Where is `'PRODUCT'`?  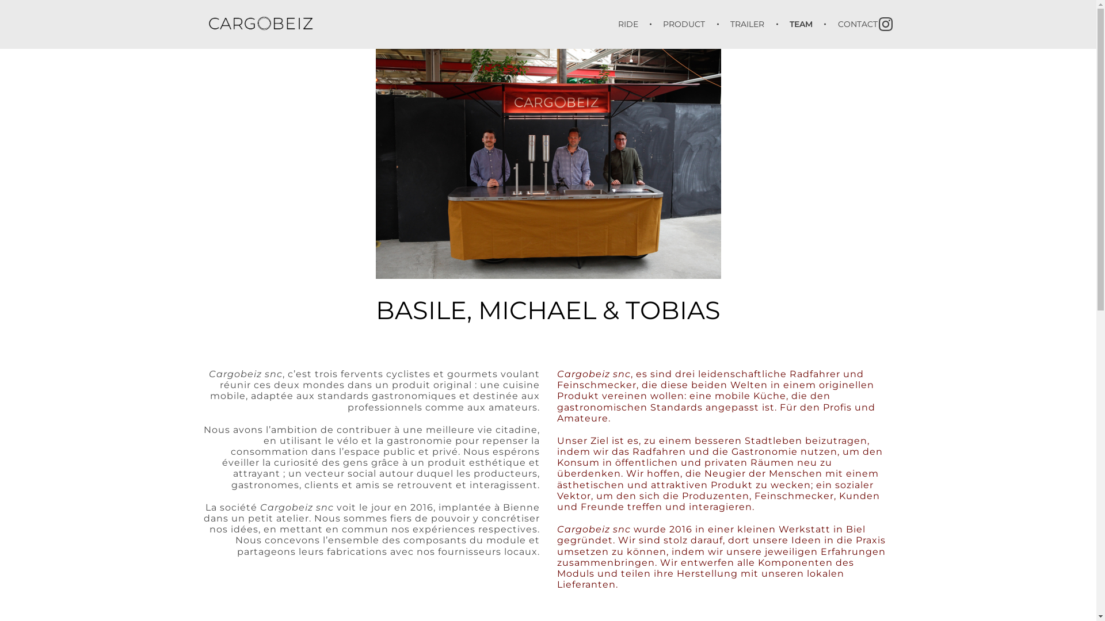
'PRODUCT' is located at coordinates (686, 24).